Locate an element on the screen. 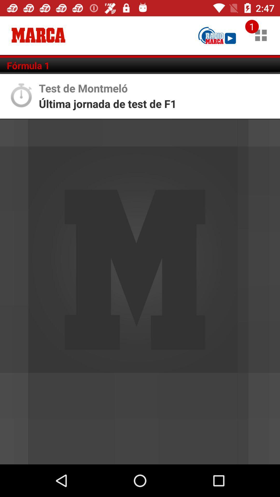 The image size is (280, 497). open notifications is located at coordinates (261, 35).